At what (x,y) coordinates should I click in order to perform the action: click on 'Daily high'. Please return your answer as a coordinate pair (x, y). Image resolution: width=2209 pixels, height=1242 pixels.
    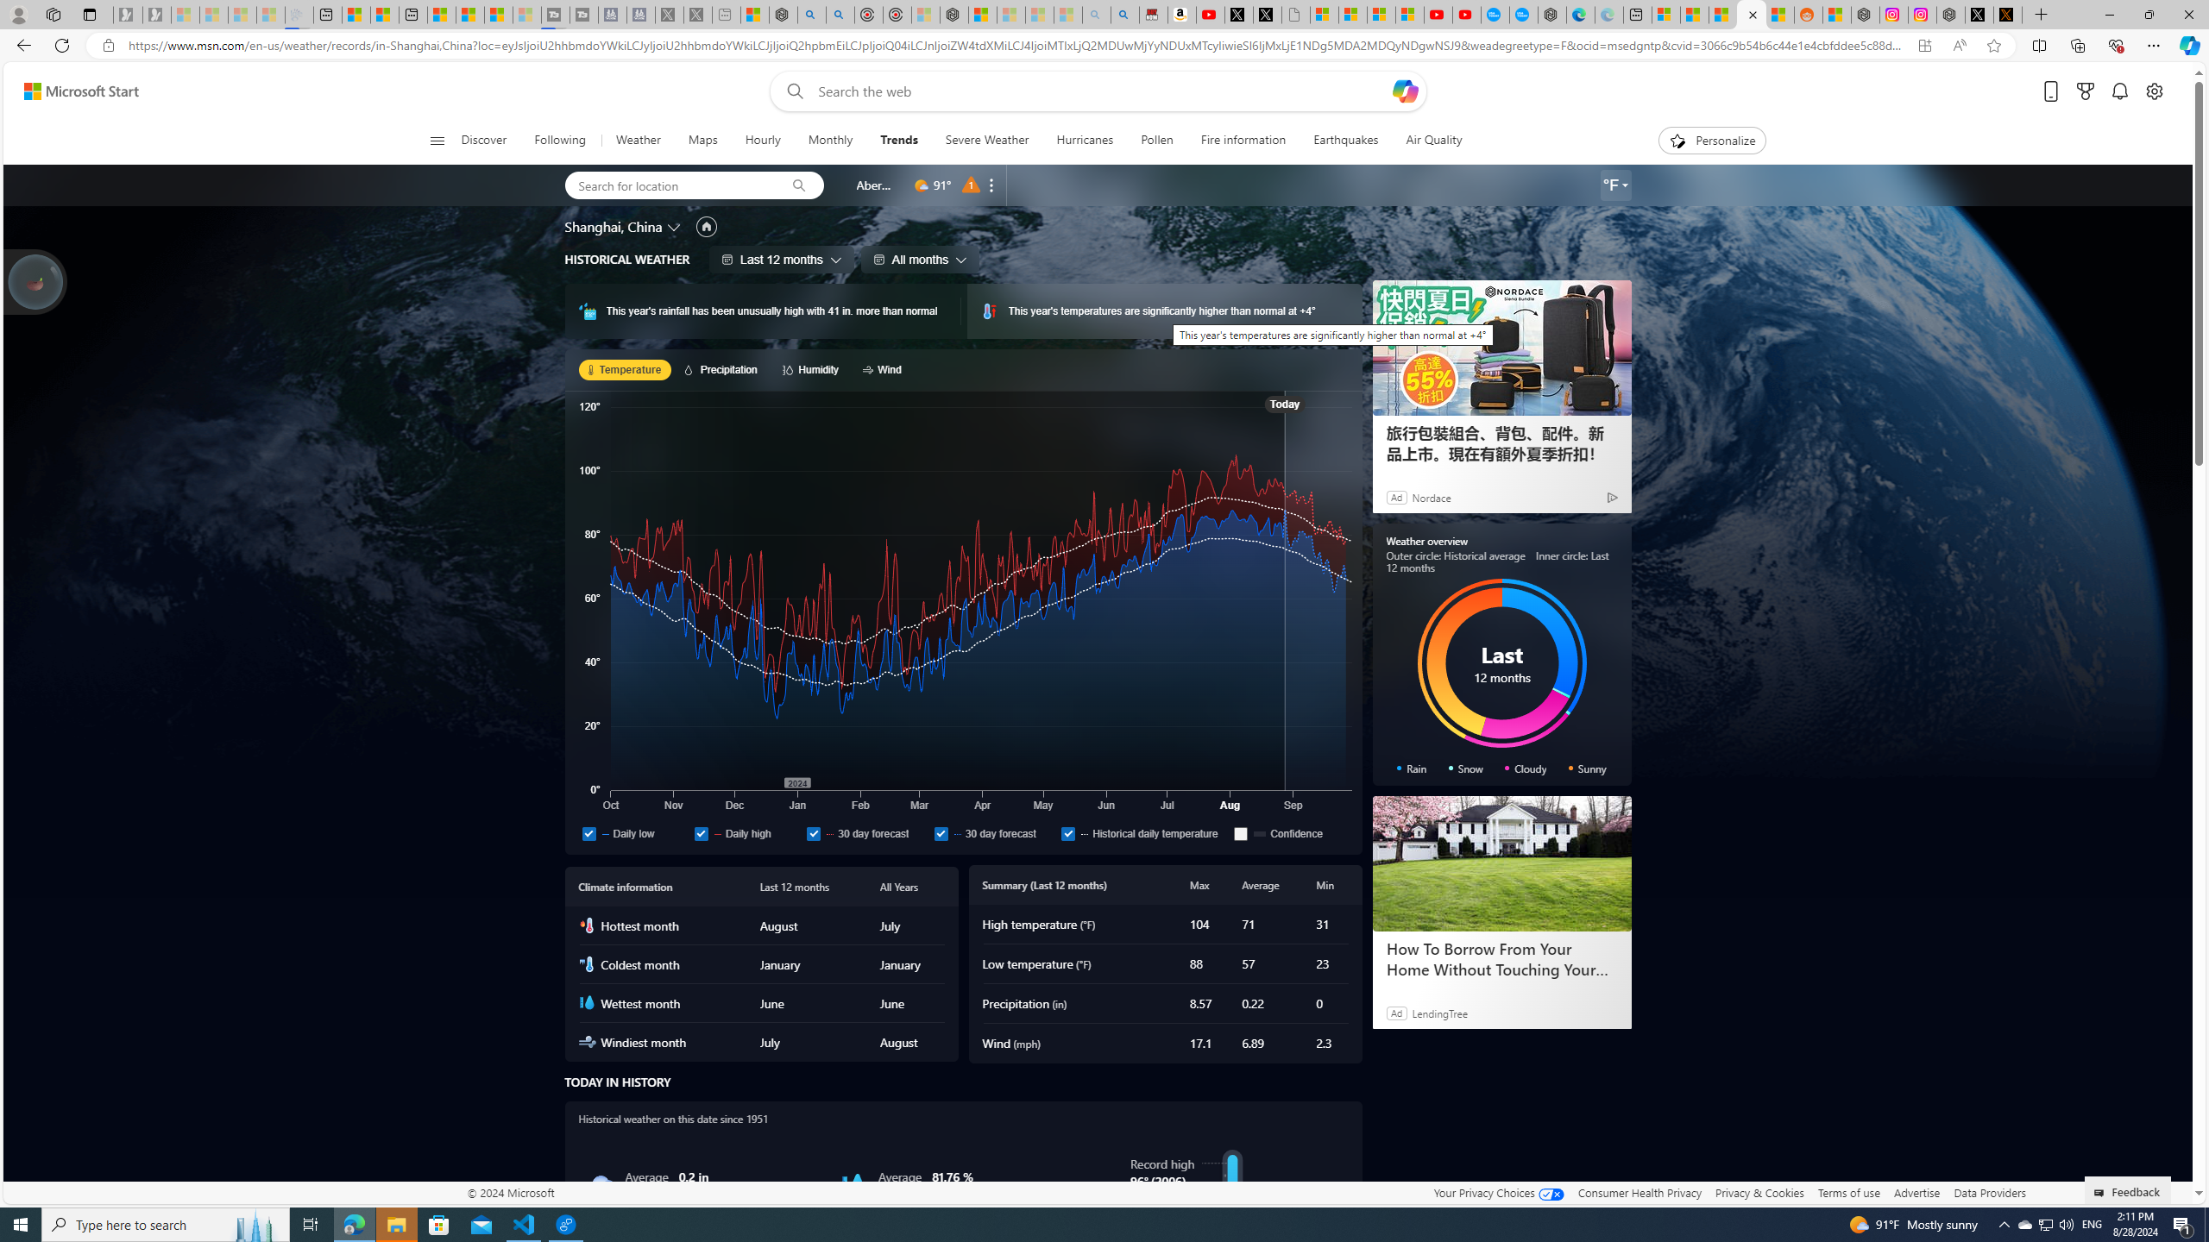
    Looking at the image, I should click on (746, 832).